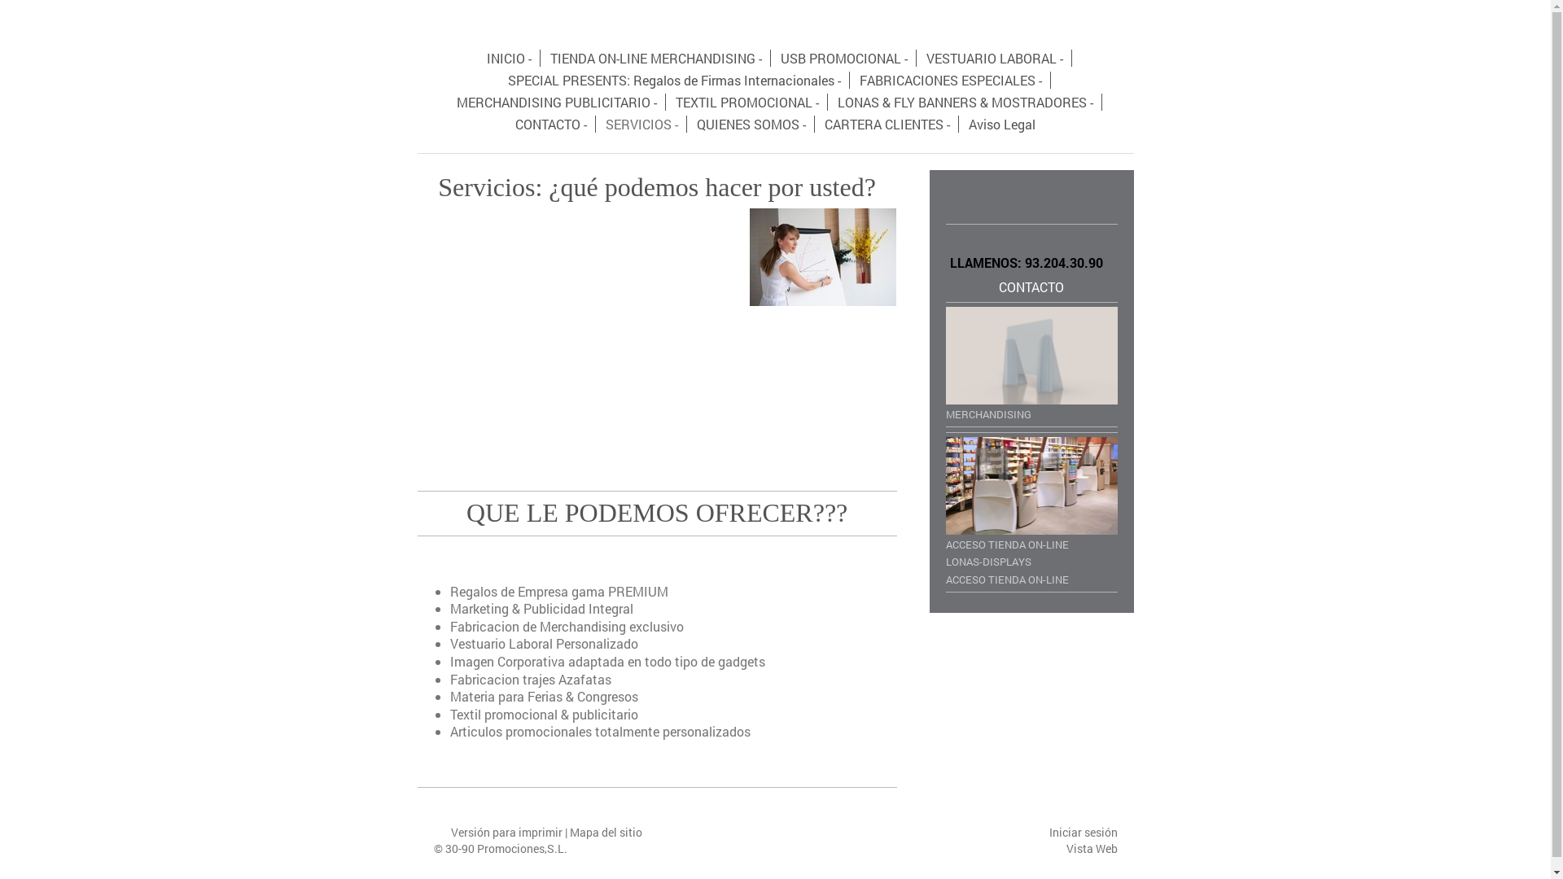  Describe the element at coordinates (746, 102) in the screenshot. I see `'TEXTIL PROMOCIONAL -'` at that location.